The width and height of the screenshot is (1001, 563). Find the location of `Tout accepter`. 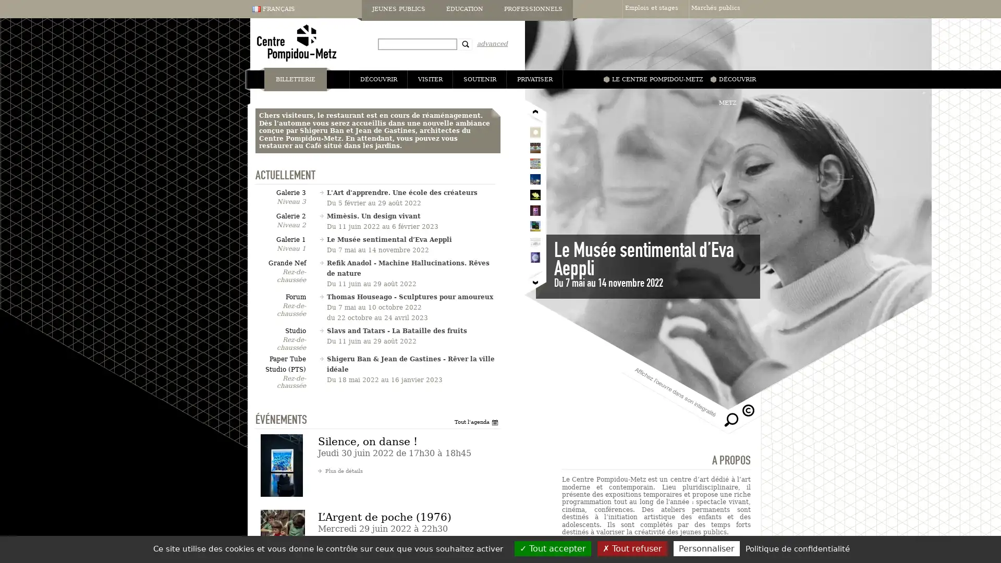

Tout accepter is located at coordinates (552, 548).